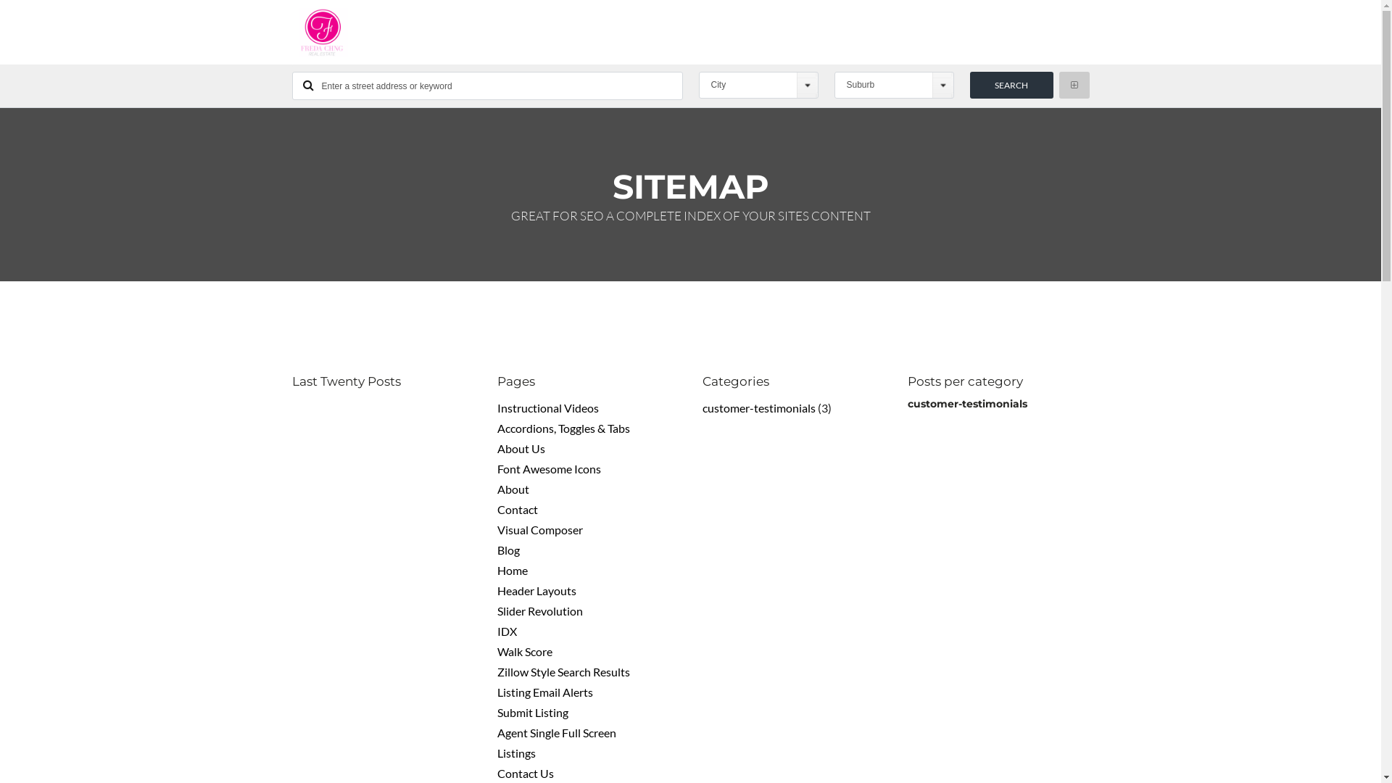  Describe the element at coordinates (524, 772) in the screenshot. I see `'Contact Us'` at that location.